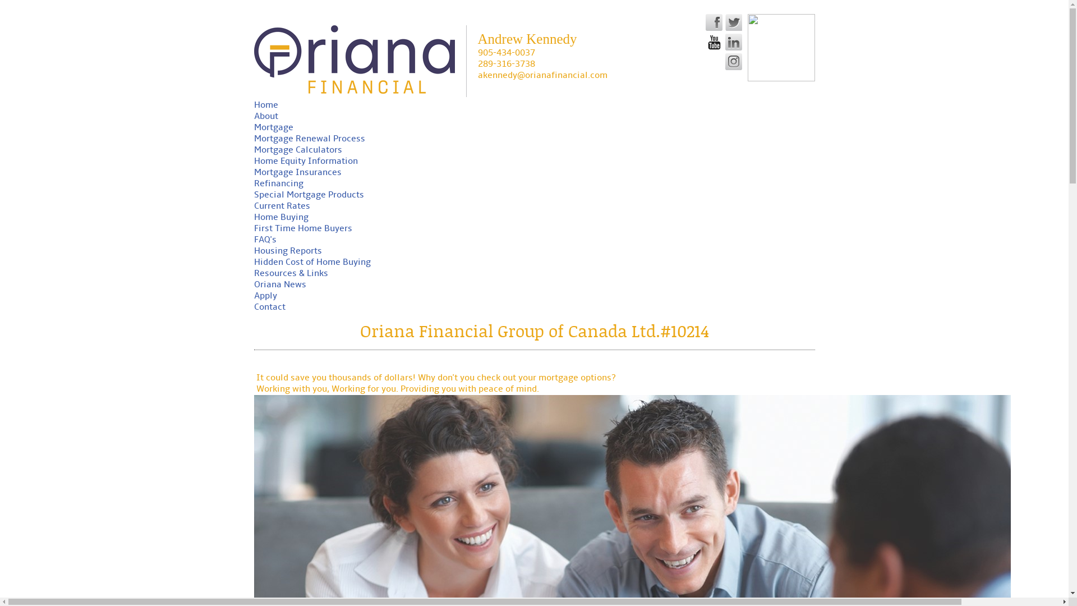 The height and width of the screenshot is (606, 1077). I want to click on 'Contact', so click(269, 307).